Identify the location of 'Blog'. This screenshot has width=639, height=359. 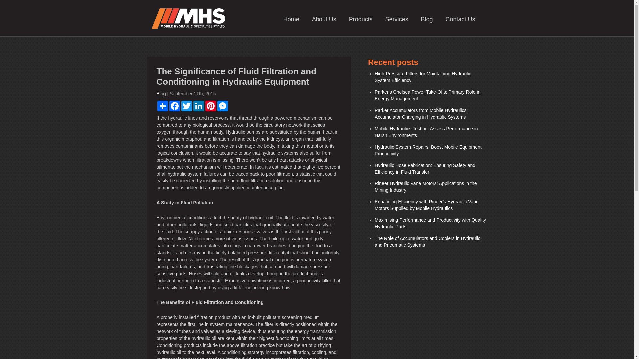
(161, 93).